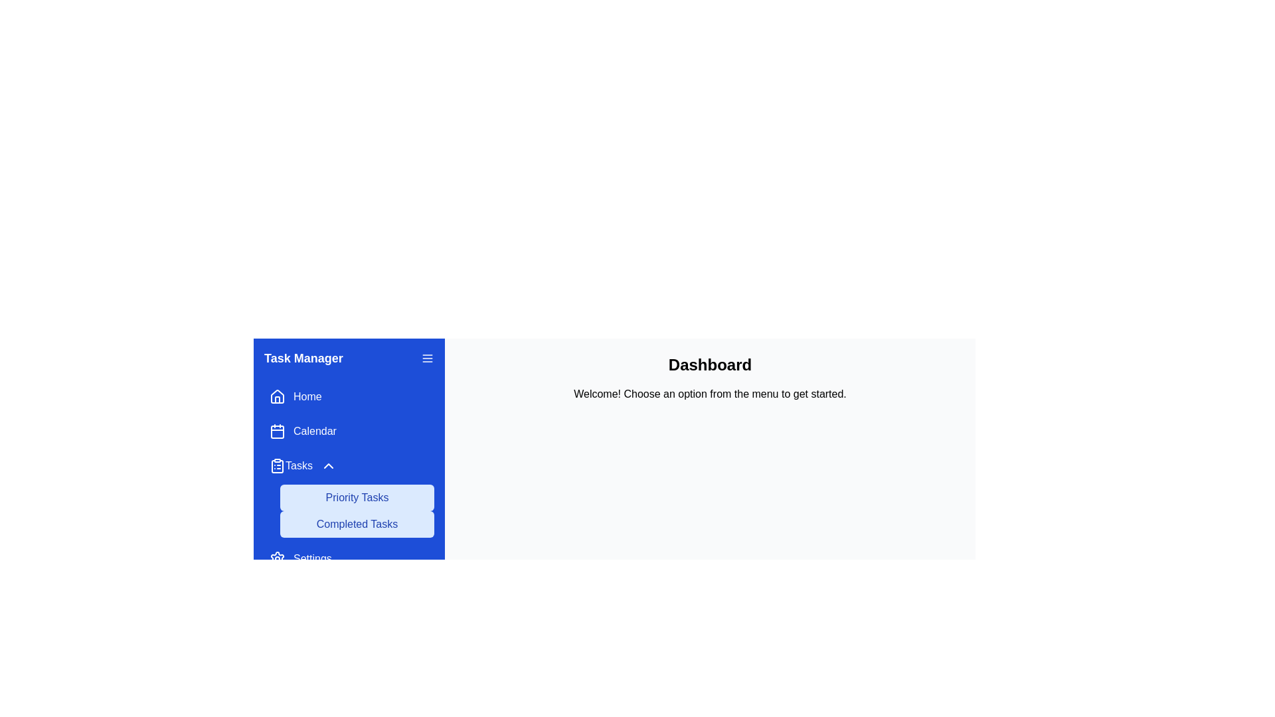 This screenshot has height=717, width=1275. I want to click on the 'Tasks' button, which features a clipboard icon and white text on a blue background, located as the third item in the menu section, so click(290, 465).